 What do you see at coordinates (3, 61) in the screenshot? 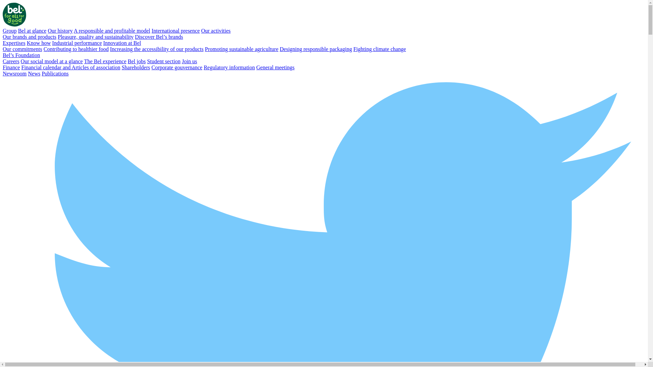
I see `'Careers'` at bounding box center [3, 61].